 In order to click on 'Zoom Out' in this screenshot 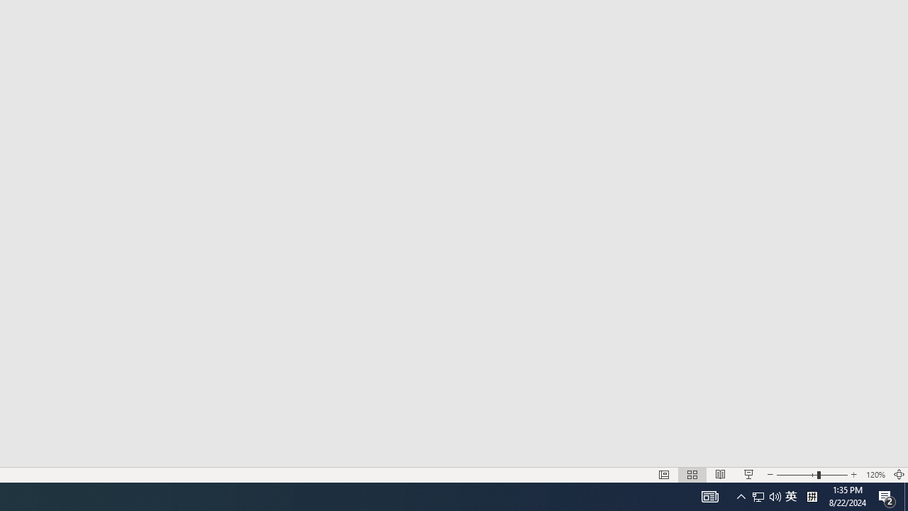, I will do `click(797, 475)`.